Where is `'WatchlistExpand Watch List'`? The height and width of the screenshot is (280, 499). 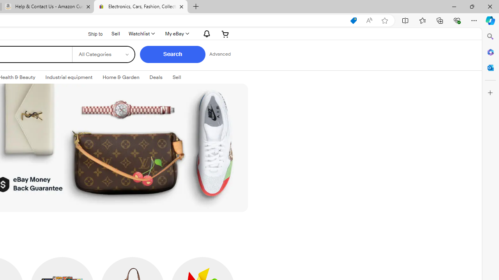
'WatchlistExpand Watch List' is located at coordinates (141, 33).